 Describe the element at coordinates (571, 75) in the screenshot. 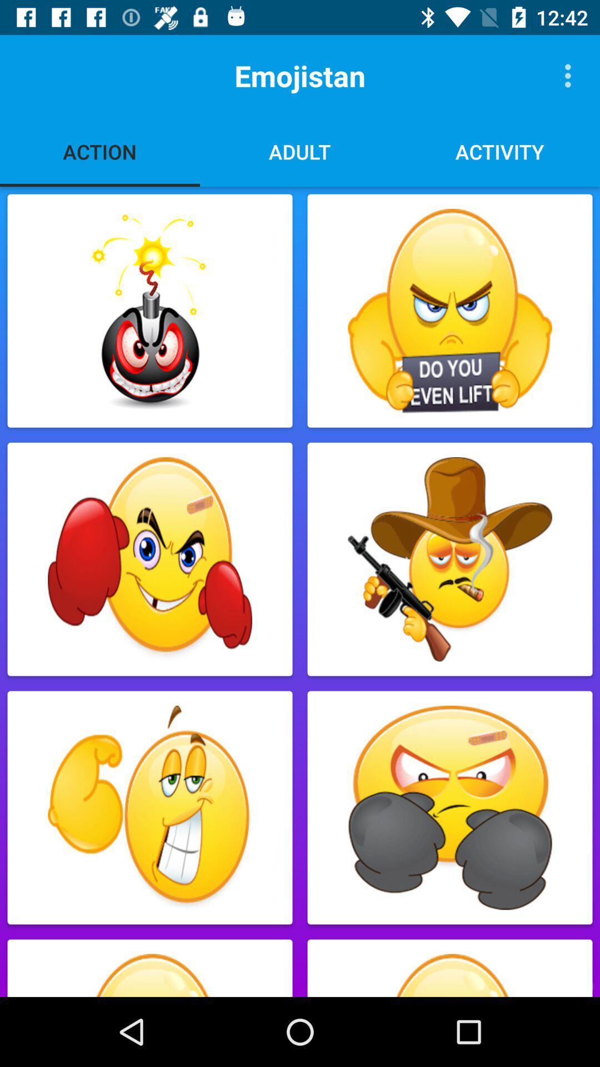

I see `icon above activity icon` at that location.